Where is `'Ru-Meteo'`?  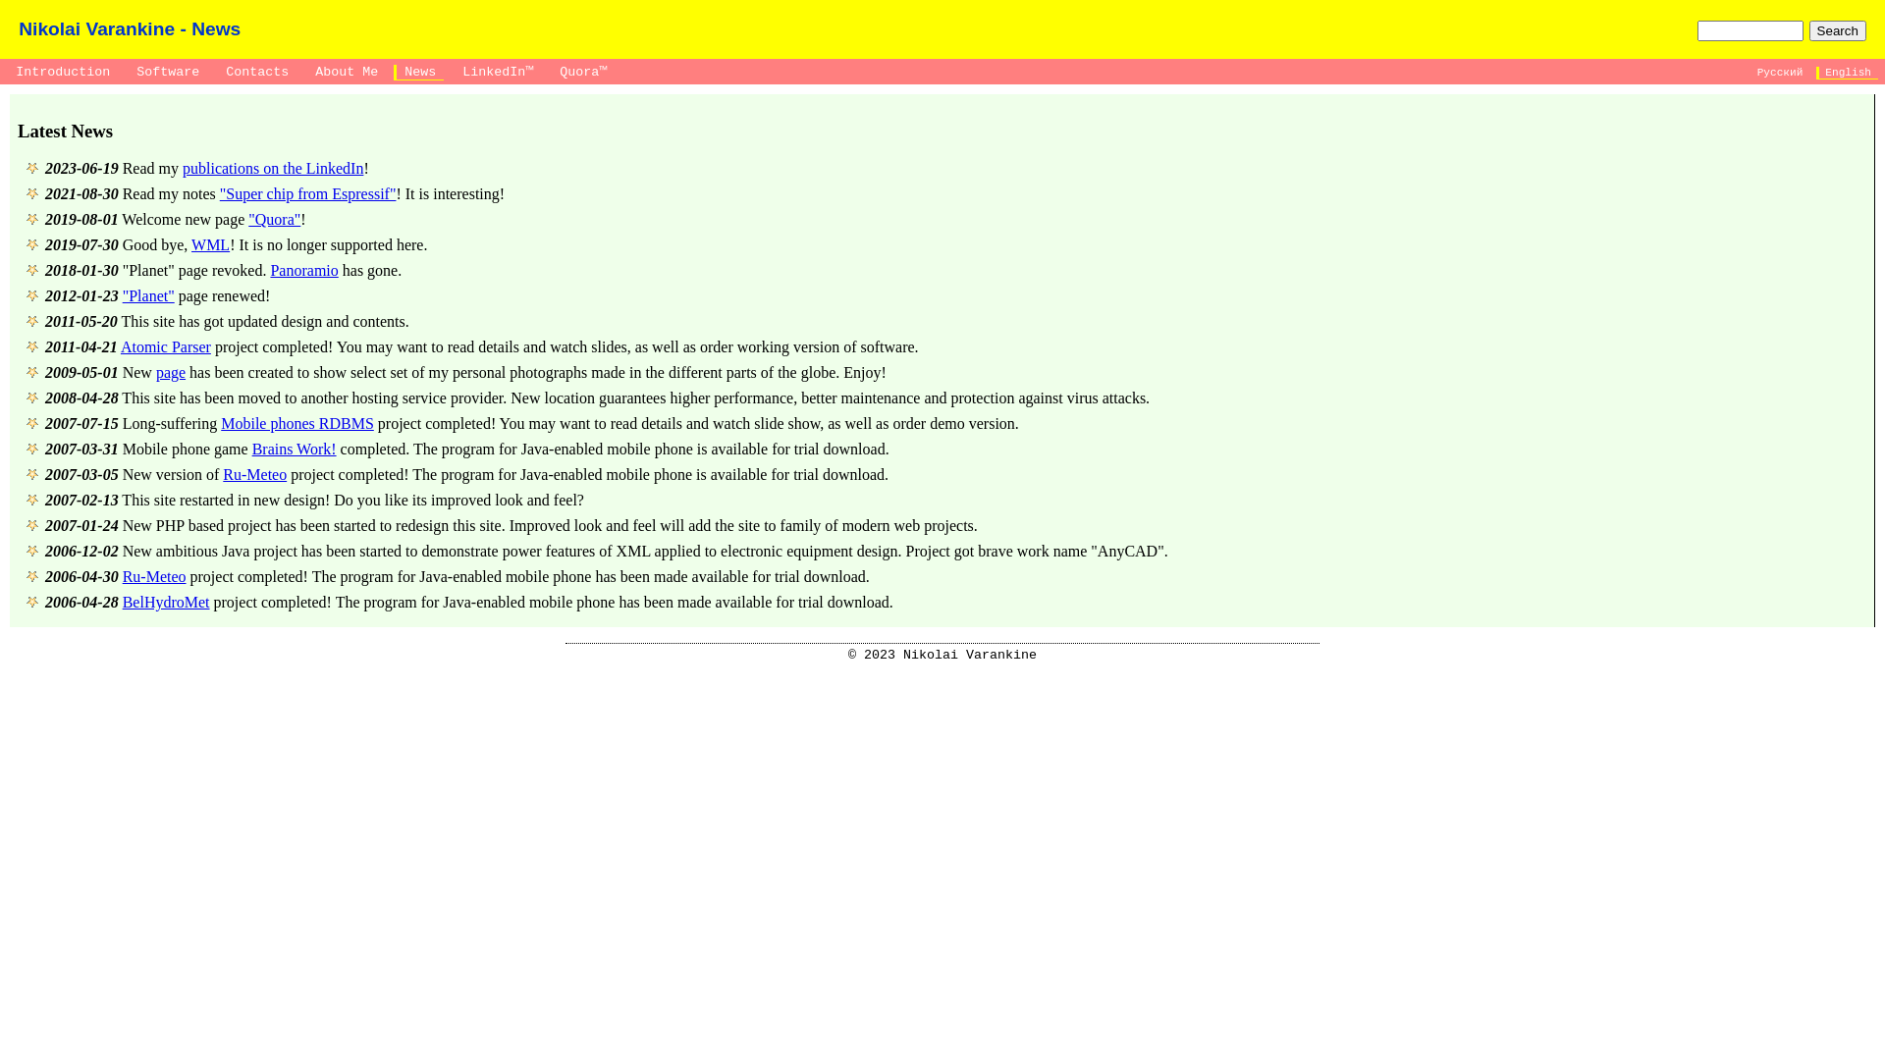 'Ru-Meteo' is located at coordinates (253, 474).